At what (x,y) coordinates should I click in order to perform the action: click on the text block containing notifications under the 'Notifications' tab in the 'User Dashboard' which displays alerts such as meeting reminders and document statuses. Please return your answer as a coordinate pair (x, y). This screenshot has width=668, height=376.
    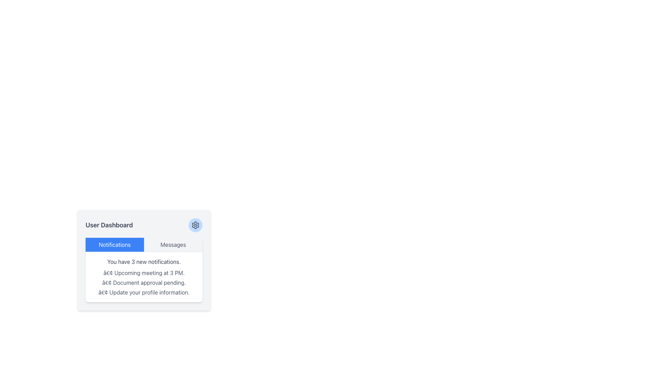
    Looking at the image, I should click on (143, 276).